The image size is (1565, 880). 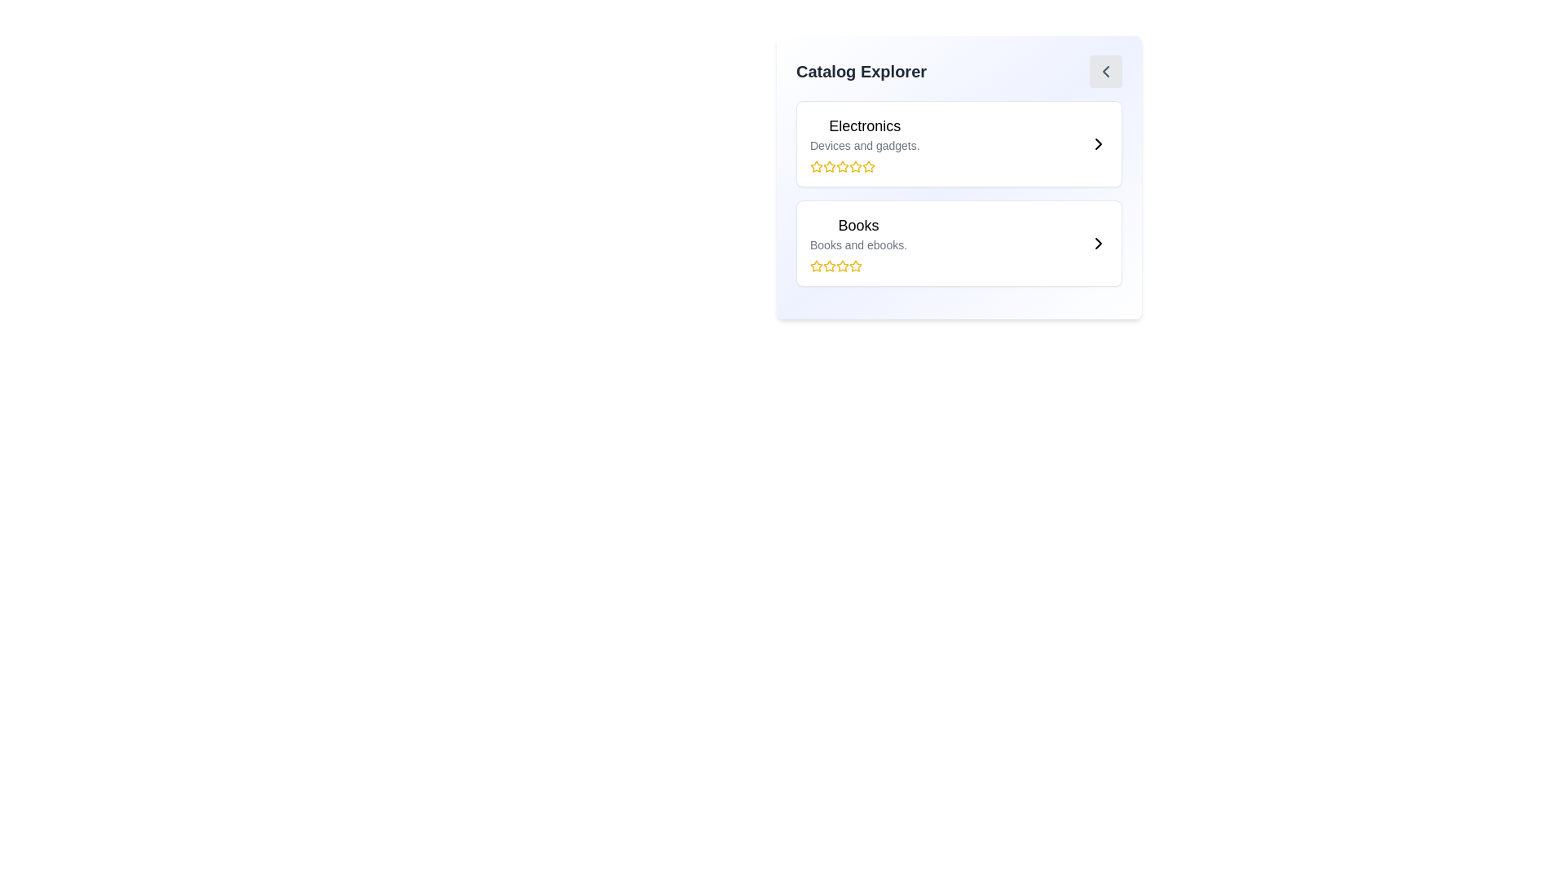 I want to click on the fourth star icon representing the rating element under the 'Electronics' category, so click(x=855, y=166).